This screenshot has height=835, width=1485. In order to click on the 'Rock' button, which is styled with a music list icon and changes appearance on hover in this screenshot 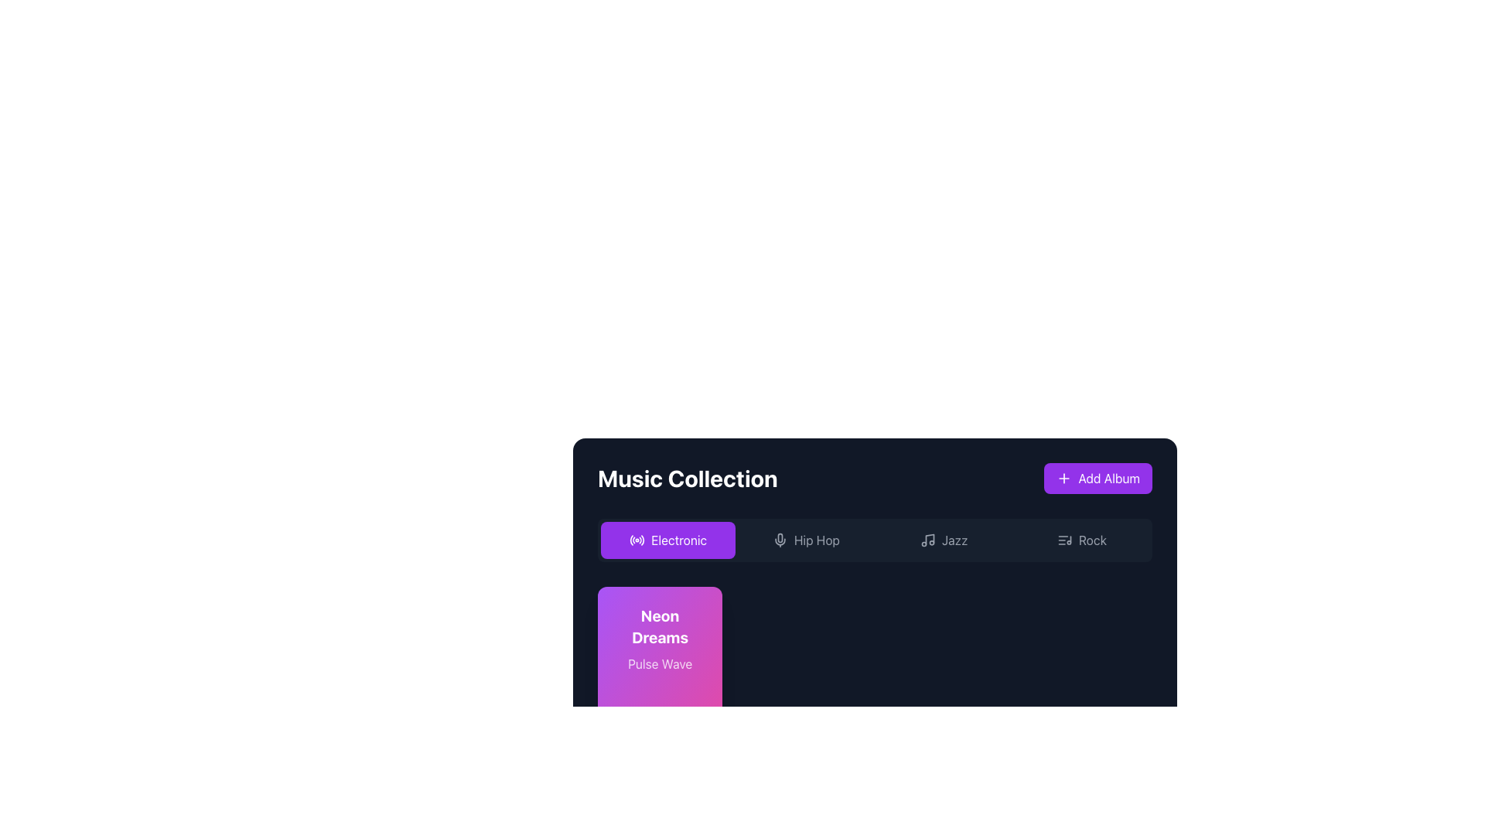, I will do `click(1080, 539)`.